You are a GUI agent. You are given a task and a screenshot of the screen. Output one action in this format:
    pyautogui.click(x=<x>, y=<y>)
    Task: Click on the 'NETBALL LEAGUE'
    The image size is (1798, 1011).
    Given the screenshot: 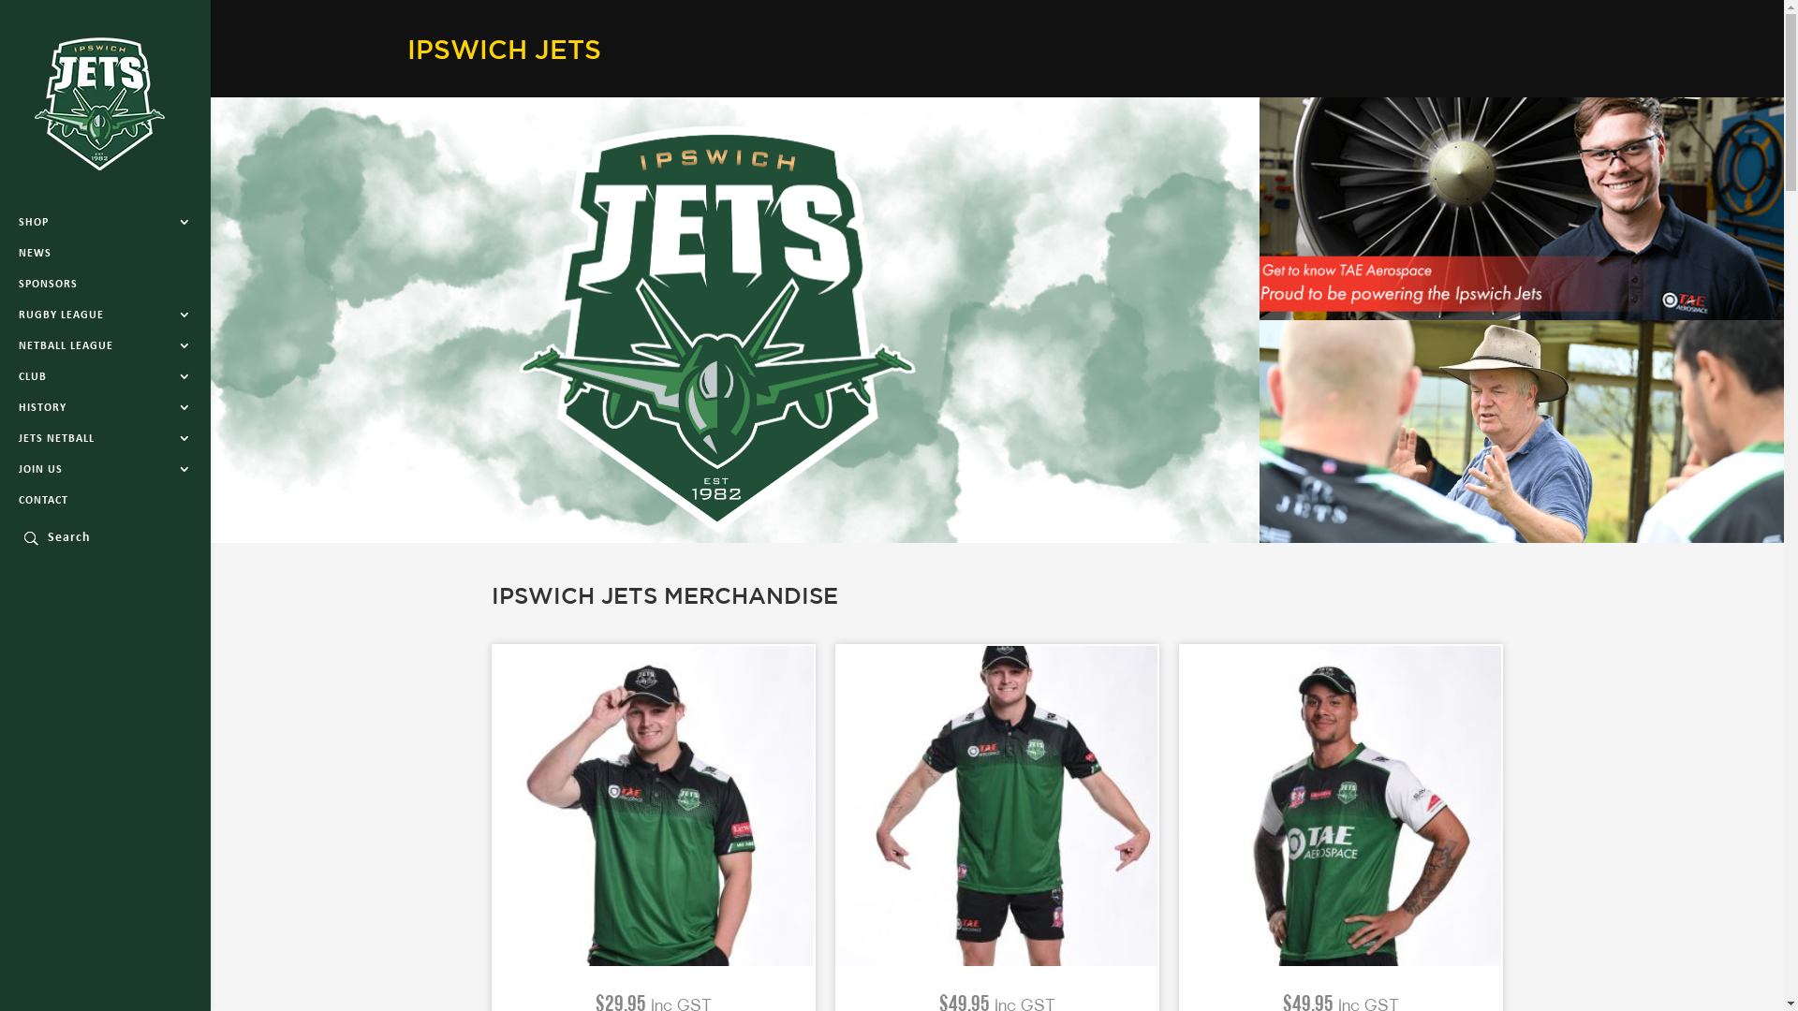 What is the action you would take?
    pyautogui.click(x=104, y=346)
    